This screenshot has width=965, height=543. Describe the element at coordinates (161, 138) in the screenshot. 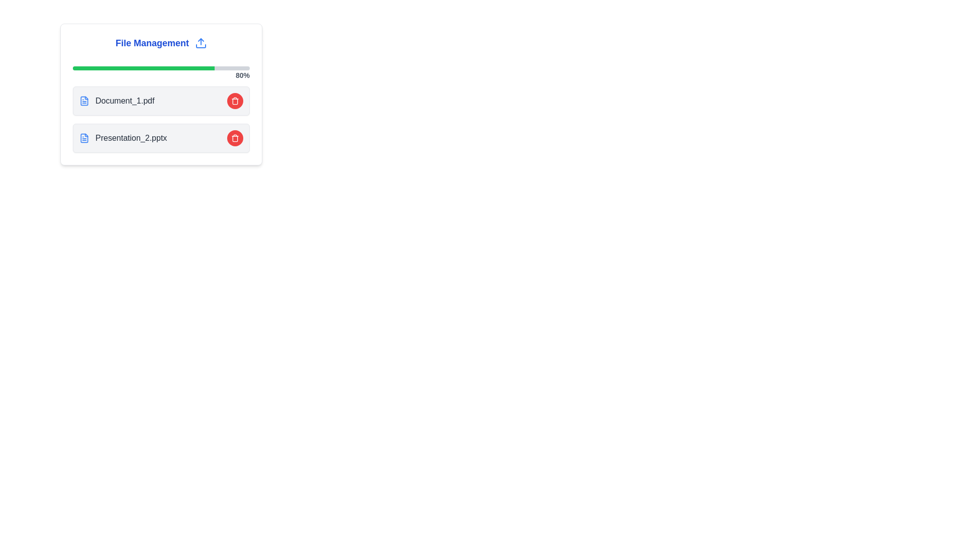

I see `the file name 'Presentation_2.pptx' in the second file entry row` at that location.